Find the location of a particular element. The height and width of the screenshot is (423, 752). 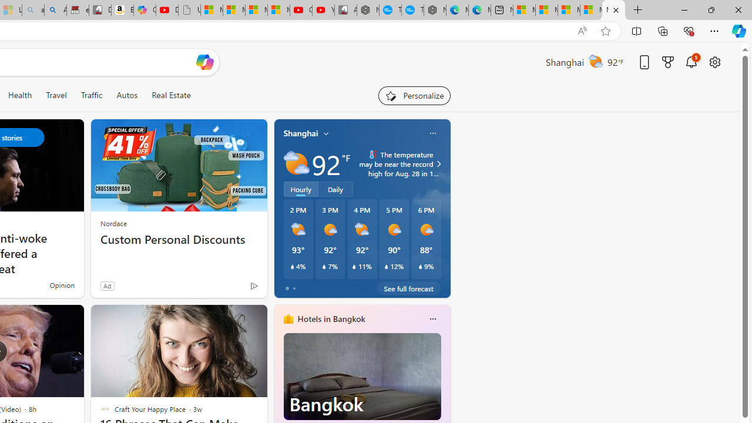

'Class: weather-current-precipitation-glyph' is located at coordinates (420, 266).